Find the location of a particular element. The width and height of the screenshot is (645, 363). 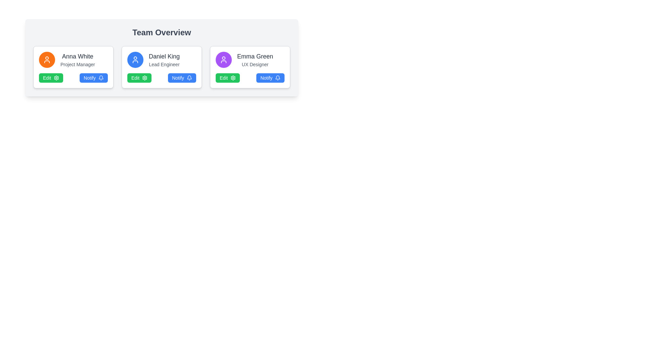

the green 'Edit' button with rounded corners and a settings icon, located in the card for 'Emma Green' in the 'Team Overview' section is located at coordinates (228, 77).